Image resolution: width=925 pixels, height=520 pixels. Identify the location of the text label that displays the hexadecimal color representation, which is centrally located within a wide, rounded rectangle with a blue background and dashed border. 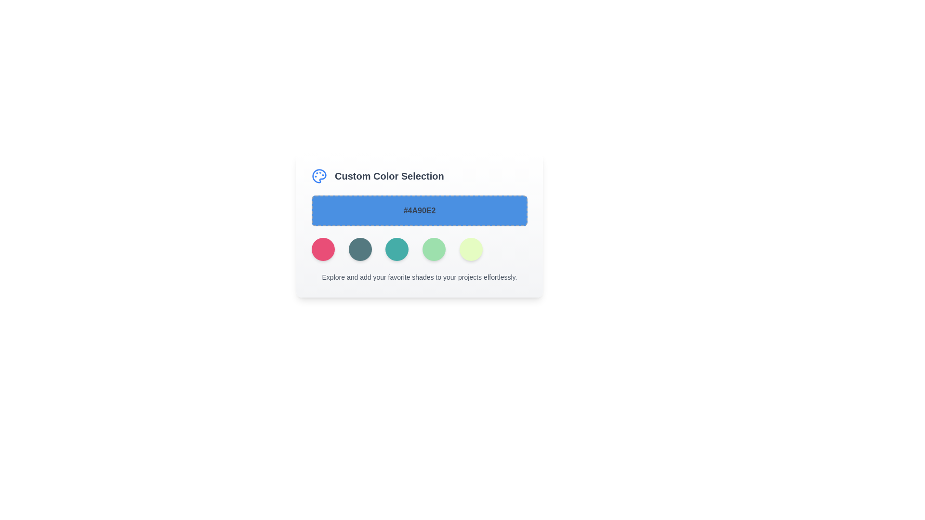
(419, 210).